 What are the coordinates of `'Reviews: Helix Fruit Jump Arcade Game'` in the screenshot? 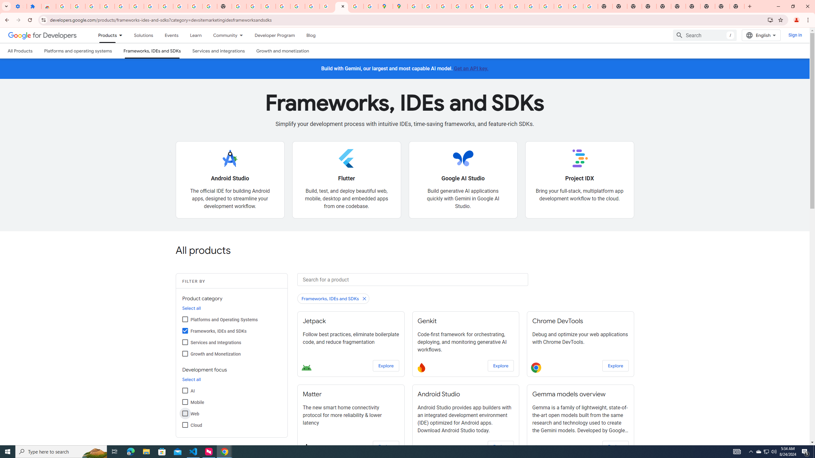 It's located at (48, 6).